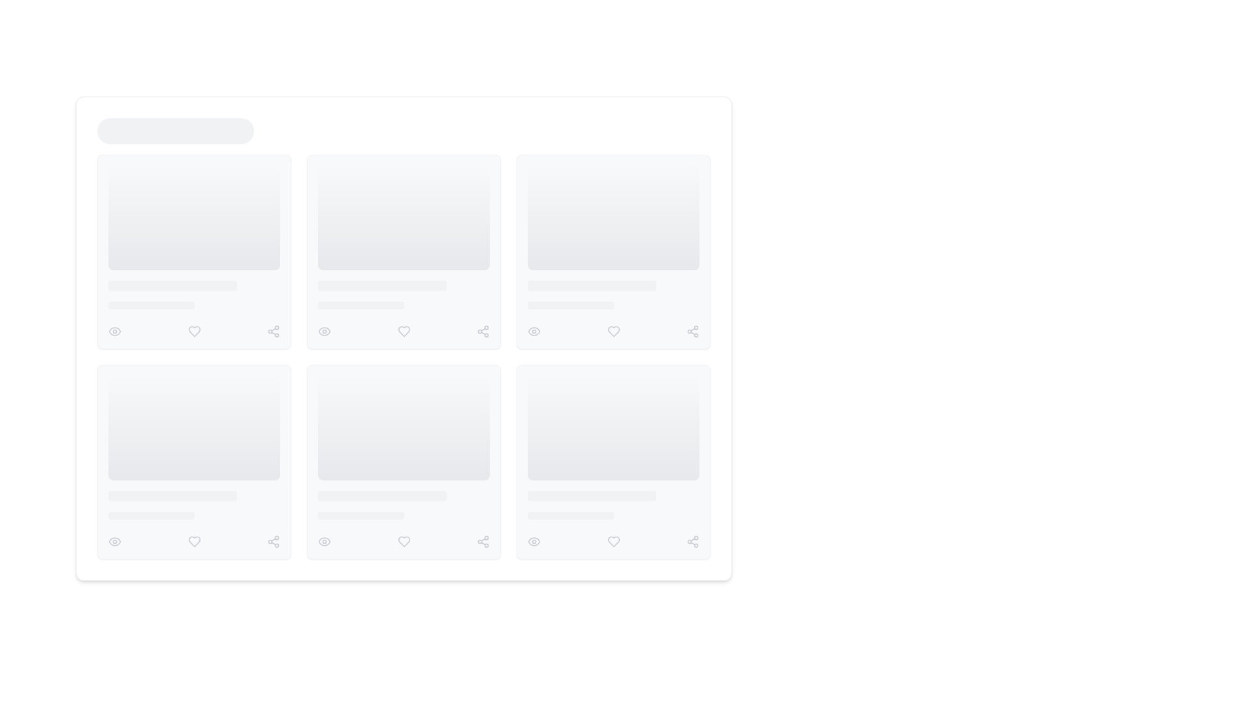  I want to click on the visibility settings icon located in the lower right corner of the grouped layout containing three icons, specifically the eye icon, so click(534, 331).